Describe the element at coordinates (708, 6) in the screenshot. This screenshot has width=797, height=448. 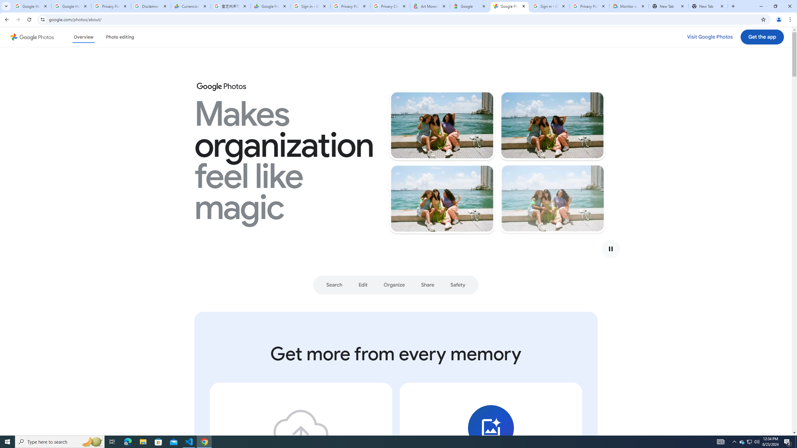
I see `'New Tab'` at that location.